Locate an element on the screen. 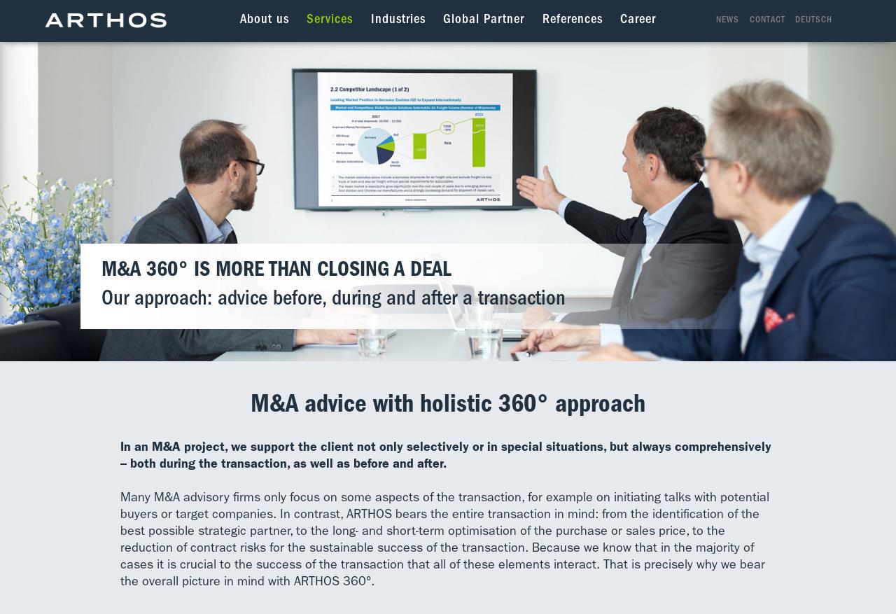 The image size is (896, 614). 'In an M&A project, we support the client not only selectively or in special situations, but always comprehensively – both during the transaction, as well as before and after.' is located at coordinates (120, 455).